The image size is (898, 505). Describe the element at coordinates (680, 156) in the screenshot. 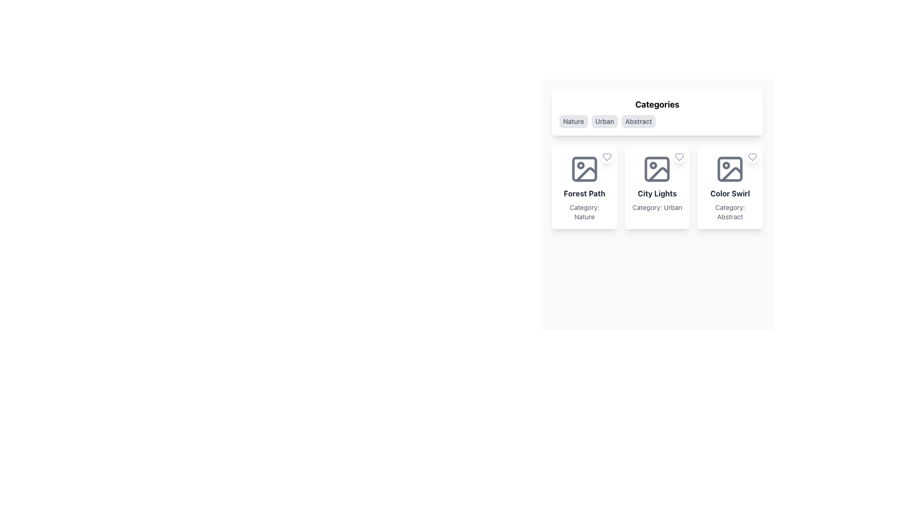

I see `the heart icon button located at the top-right corner of the 'City Lights' card` at that location.